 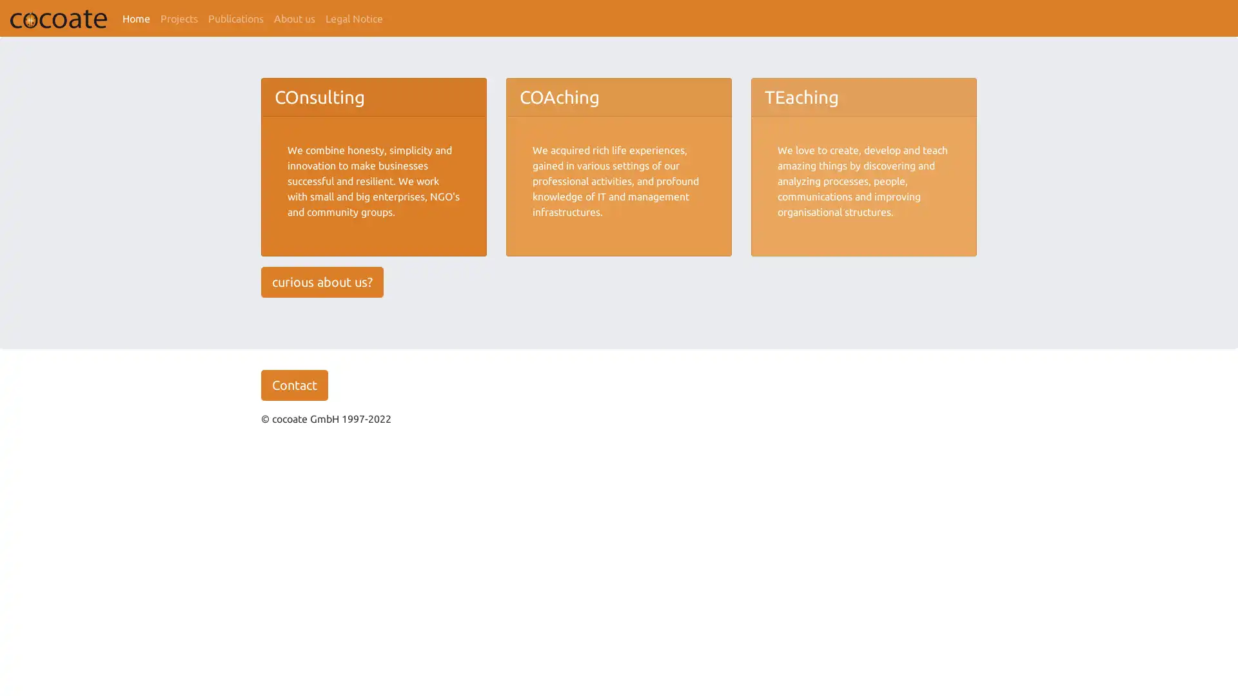 I want to click on curious about us?, so click(x=322, y=280).